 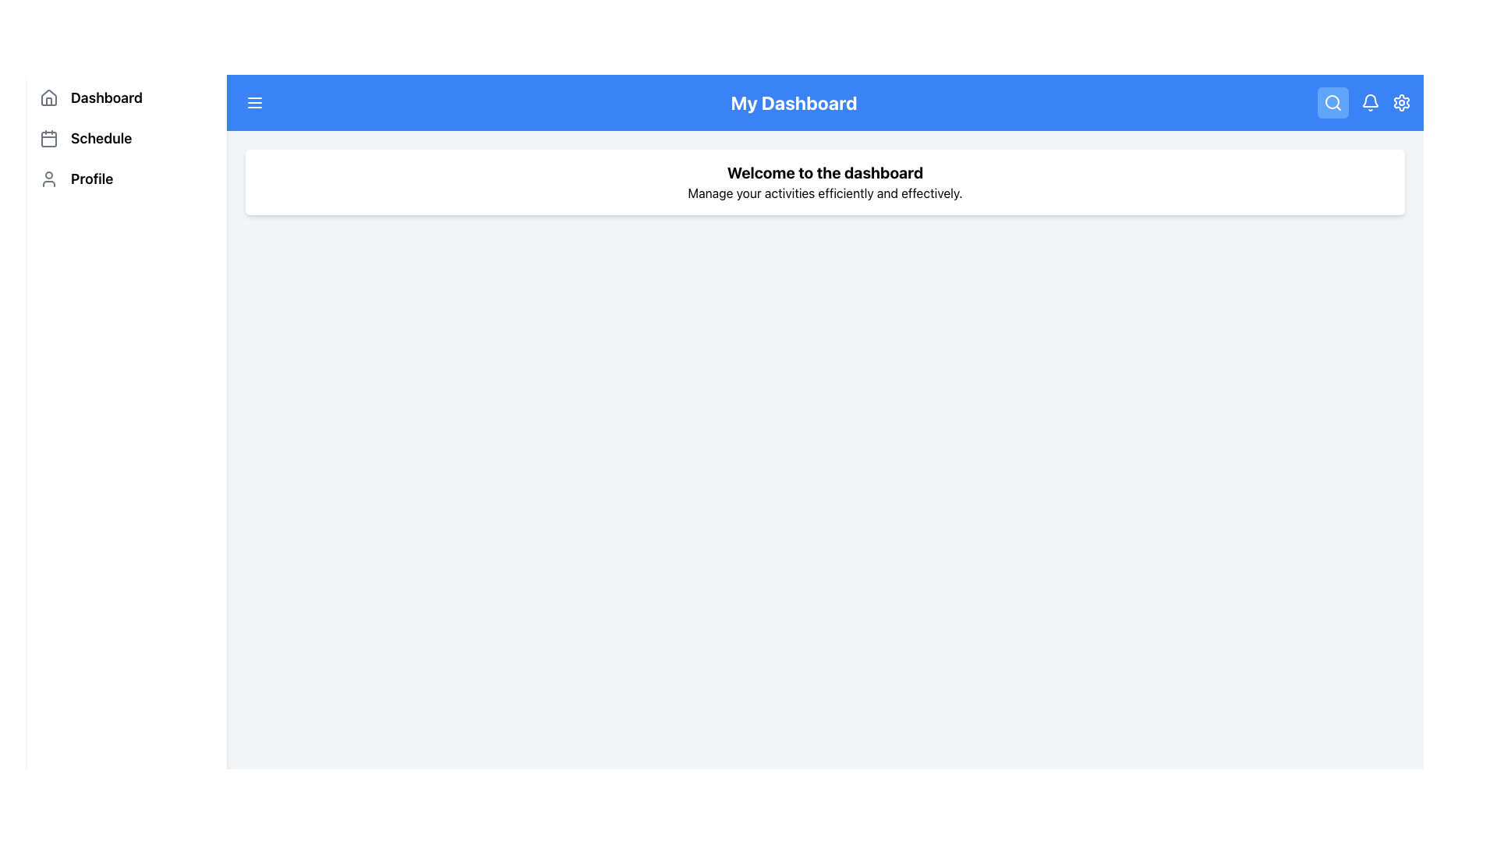 What do you see at coordinates (1363, 102) in the screenshot?
I see `the bell icon in the top-right corner of 'My Dashboard'` at bounding box center [1363, 102].